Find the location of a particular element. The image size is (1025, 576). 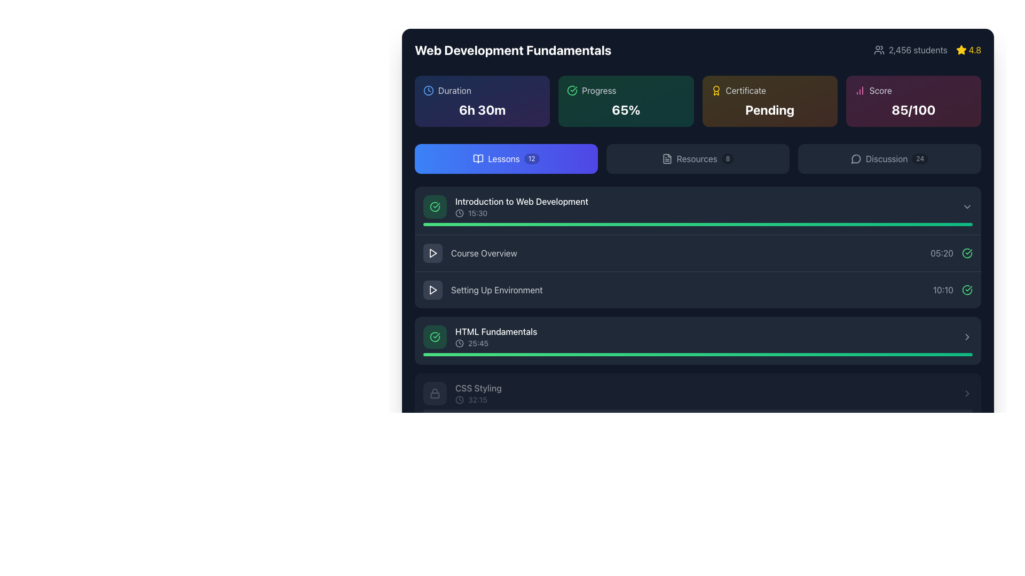

the Text Label indicating the duration of the 'Course Overview' item, located in the bottom-right corner of the 'Course Overview' section, to the left of the green circular checkmark icon is located at coordinates (951, 253).